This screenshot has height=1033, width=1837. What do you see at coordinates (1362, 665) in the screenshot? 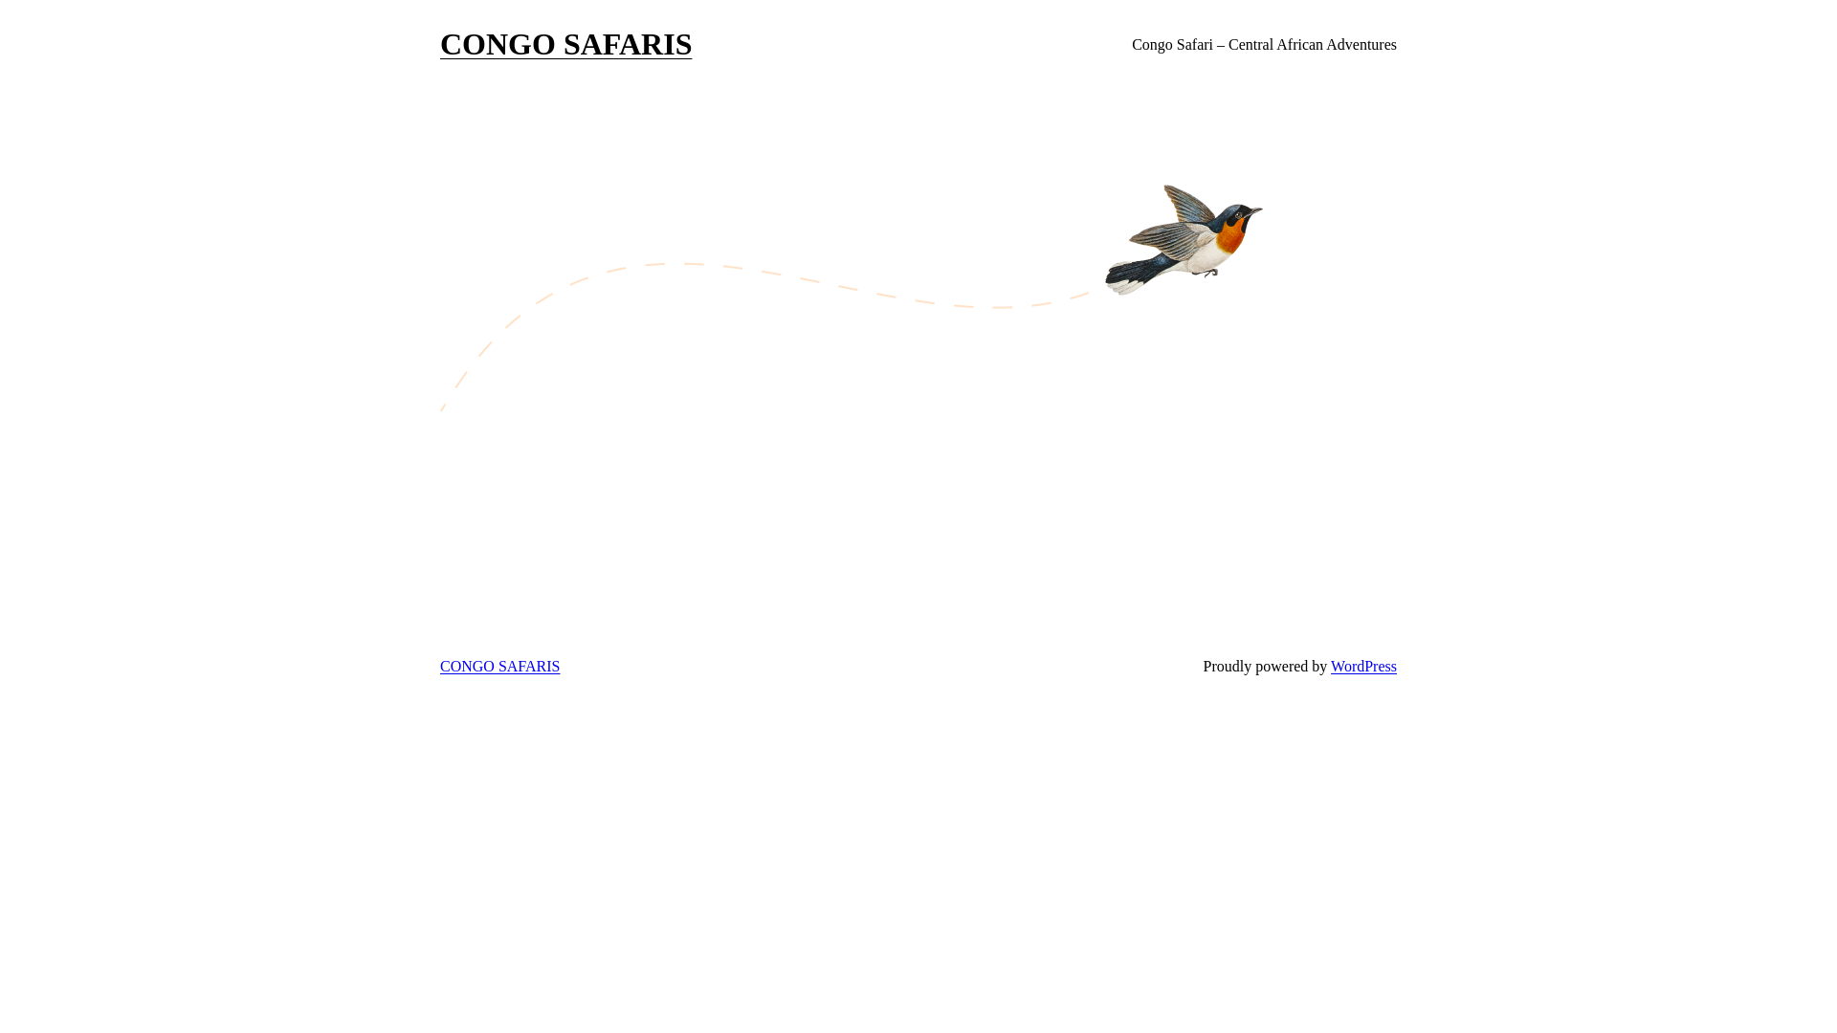
I see `'WordPress'` at bounding box center [1362, 665].